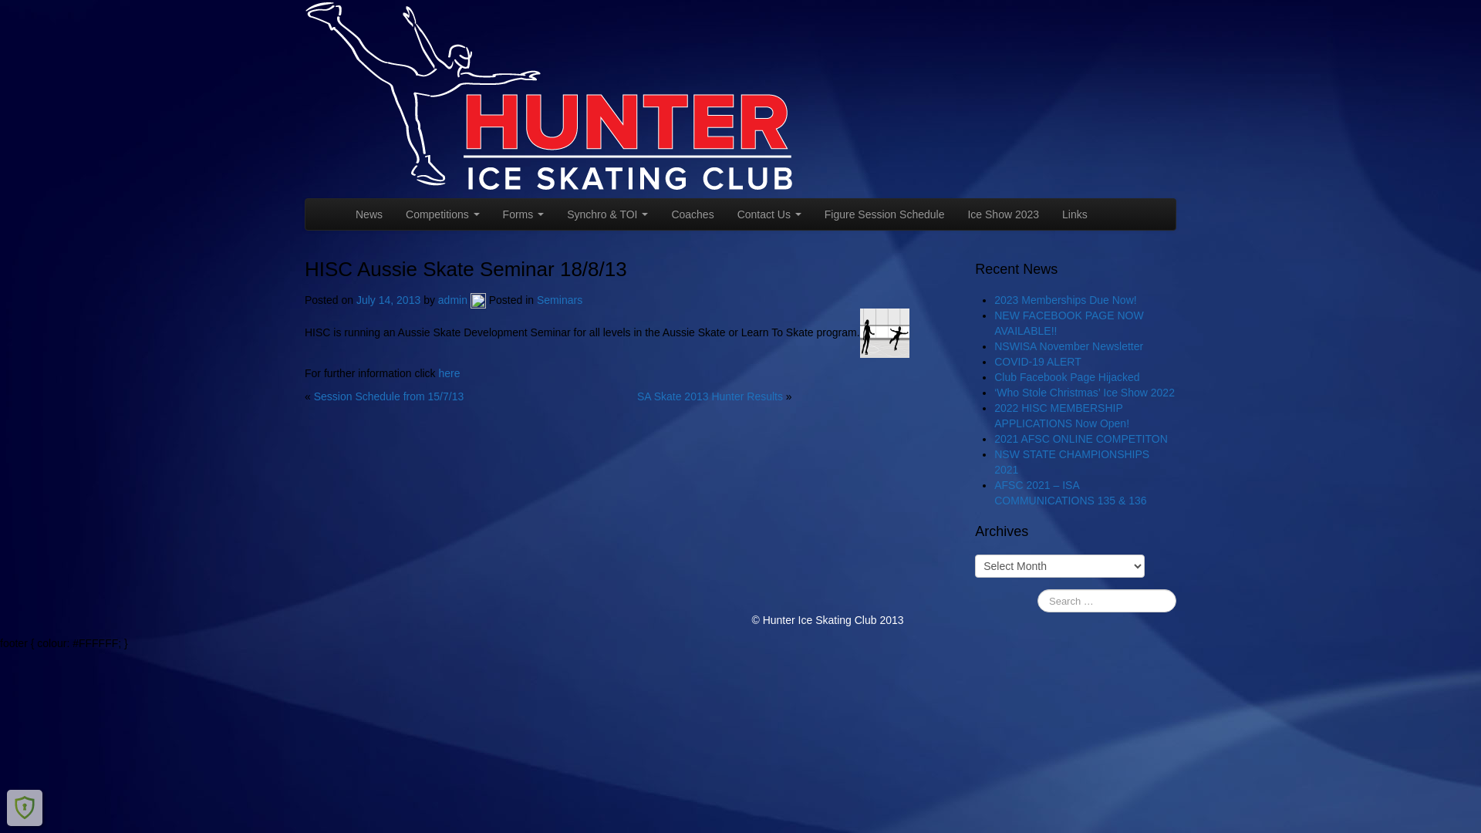 This screenshot has height=833, width=1481. What do you see at coordinates (691, 214) in the screenshot?
I see `'Coaches'` at bounding box center [691, 214].